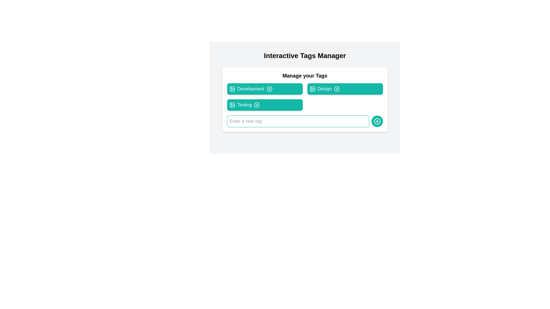 This screenshot has height=309, width=550. I want to click on the Close/Delete button located to the right of the 'Testing' tag, so click(257, 105).